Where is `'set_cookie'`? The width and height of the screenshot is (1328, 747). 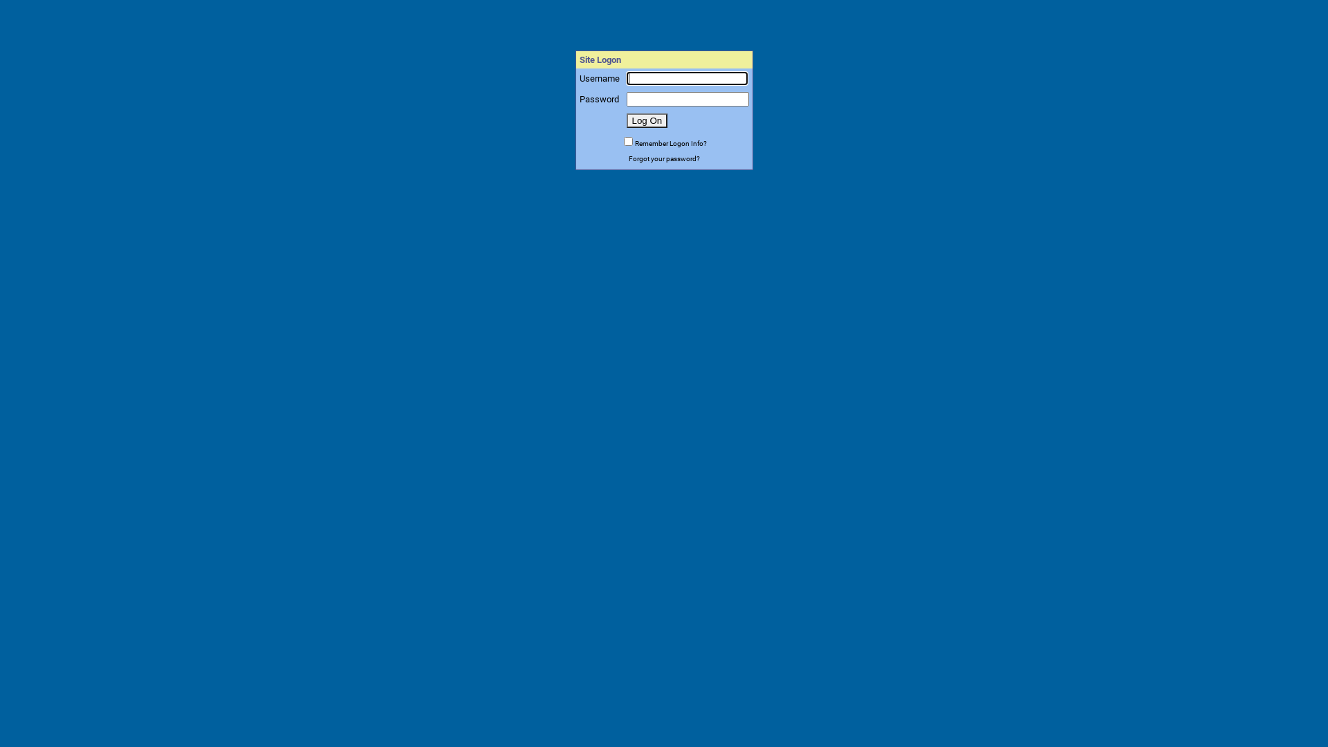
'set_cookie' is located at coordinates (627, 141).